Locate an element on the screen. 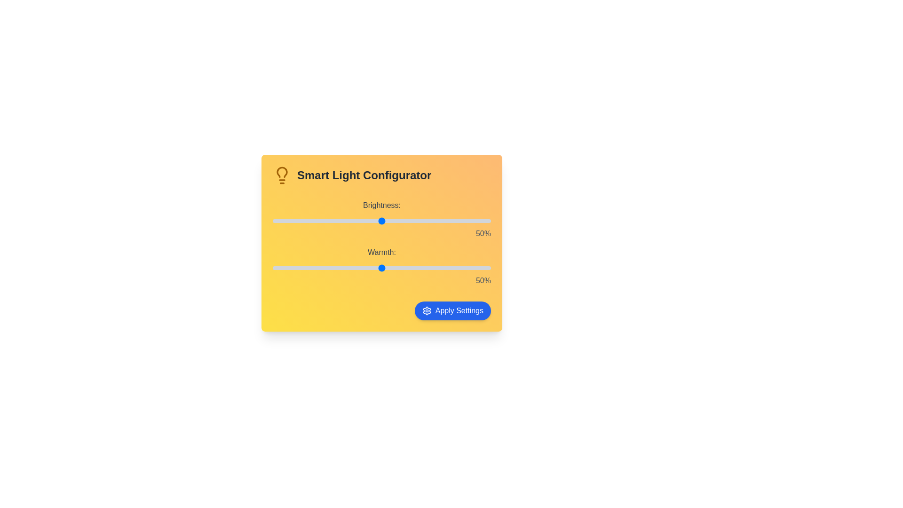 This screenshot has height=508, width=903. the warmth level is located at coordinates (375, 268).